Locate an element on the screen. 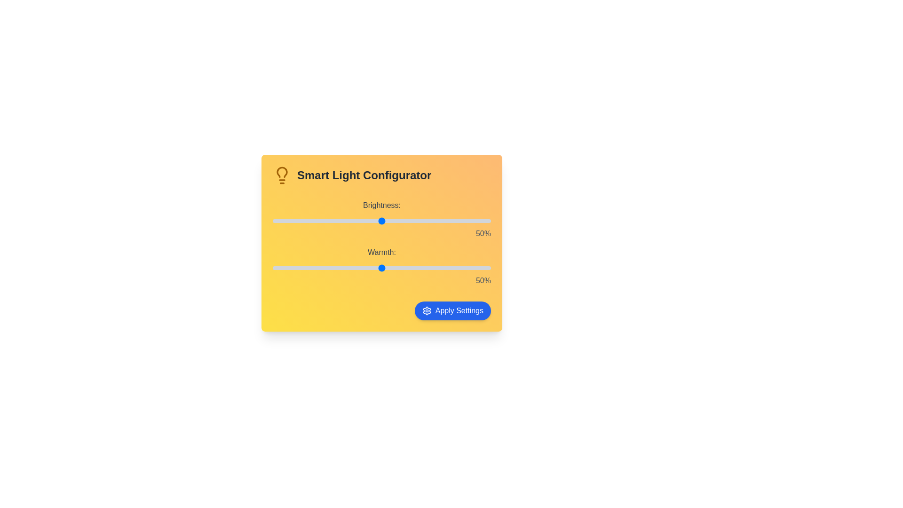 This screenshot has height=508, width=903. the warmth level is located at coordinates (375, 268).